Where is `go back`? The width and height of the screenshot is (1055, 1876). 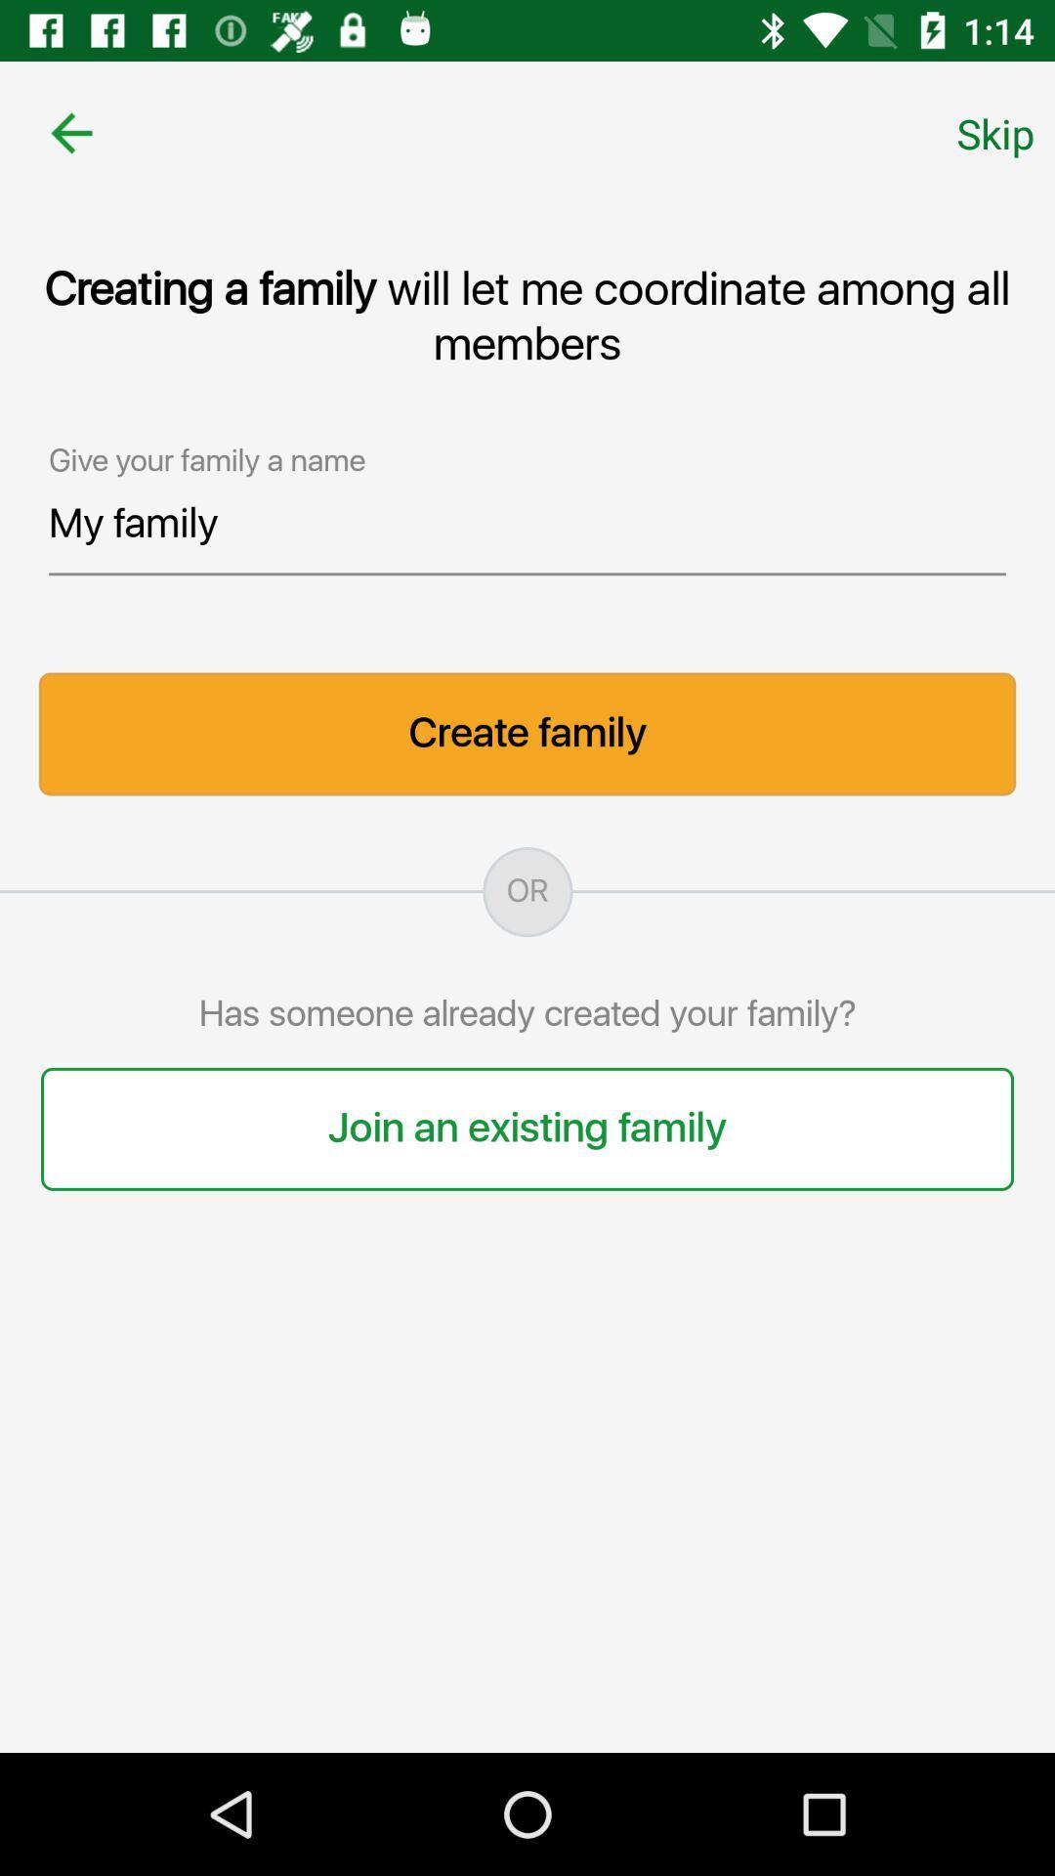
go back is located at coordinates (70, 132).